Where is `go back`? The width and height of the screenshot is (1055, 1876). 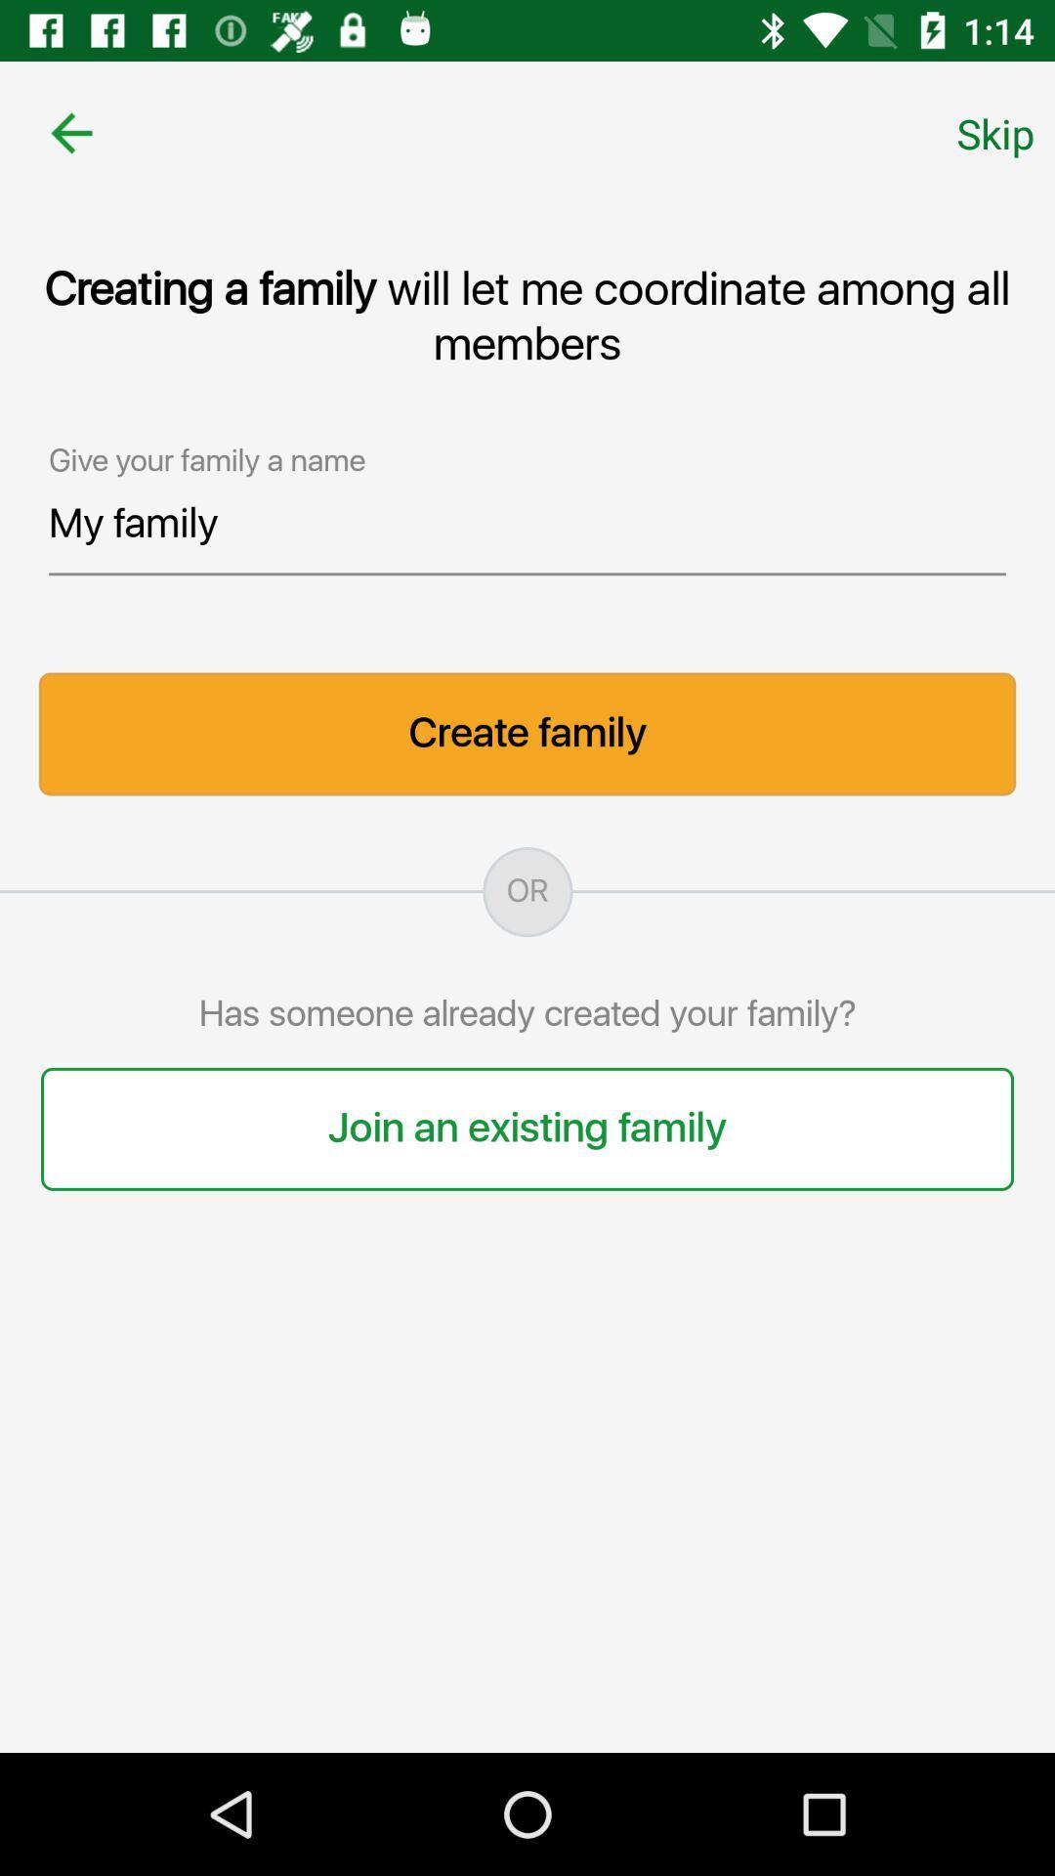
go back is located at coordinates (70, 132).